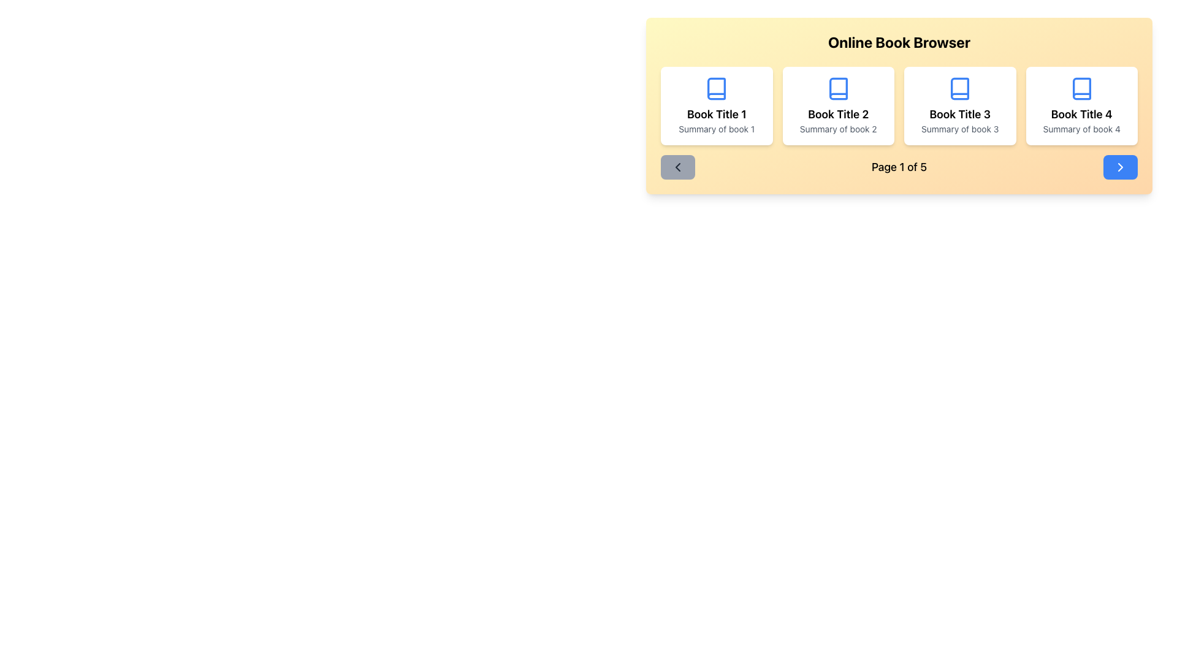 Image resolution: width=1177 pixels, height=662 pixels. What do you see at coordinates (717, 88) in the screenshot?
I see `the book icon representing 'Book Title 1' located in the first card under 'Online Book Browser'` at bounding box center [717, 88].